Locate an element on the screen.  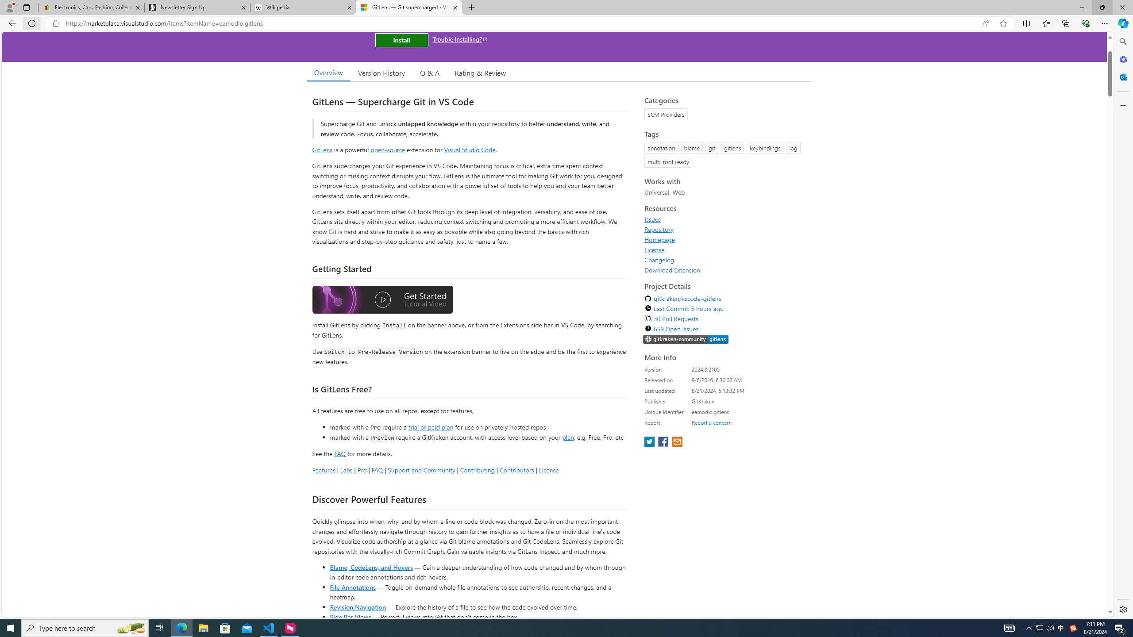
'Rating & Review' is located at coordinates (480, 73).